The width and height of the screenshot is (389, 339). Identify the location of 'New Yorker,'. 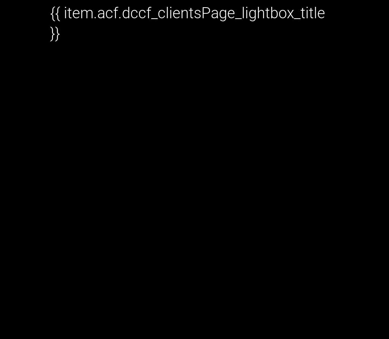
(81, 167).